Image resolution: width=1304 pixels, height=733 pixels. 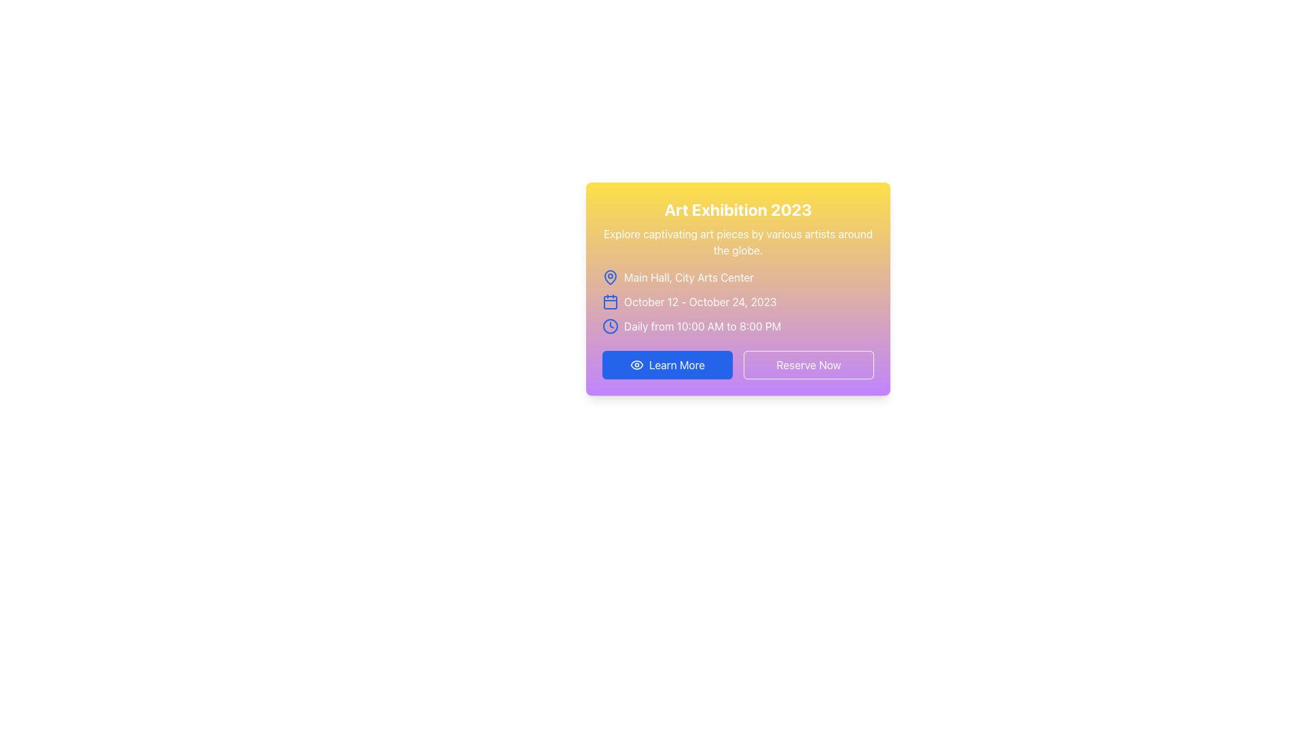 What do you see at coordinates (609, 302) in the screenshot?
I see `the rectangle with rounded corners within the calendar icon, which emphasizes the date field next to the text 'October 12 - October 24, 2023'` at bounding box center [609, 302].